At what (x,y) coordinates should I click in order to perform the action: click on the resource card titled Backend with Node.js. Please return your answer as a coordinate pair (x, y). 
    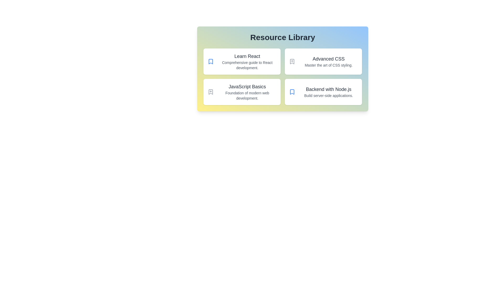
    Looking at the image, I should click on (323, 92).